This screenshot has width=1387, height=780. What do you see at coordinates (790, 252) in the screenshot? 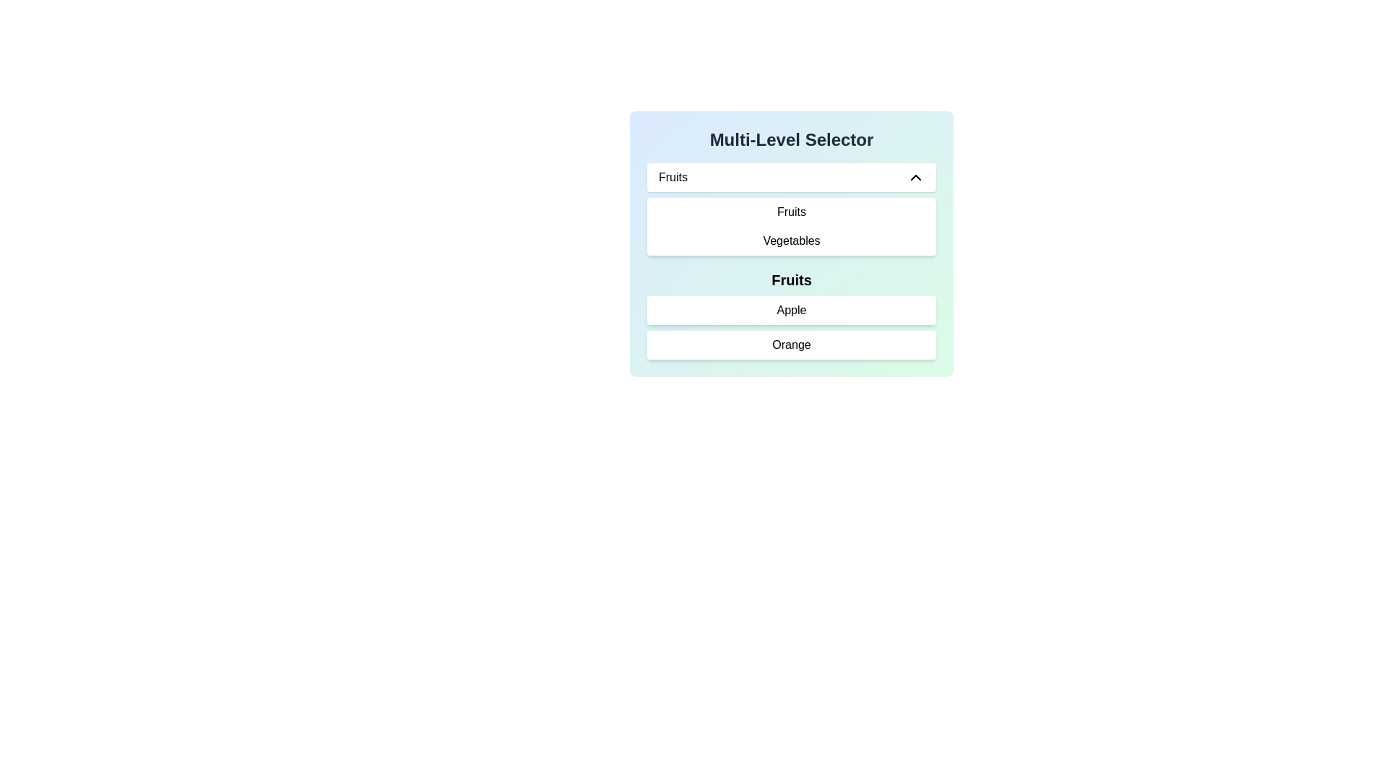
I see `the multi-level selector item located at the center of the dropdown interface` at bounding box center [790, 252].